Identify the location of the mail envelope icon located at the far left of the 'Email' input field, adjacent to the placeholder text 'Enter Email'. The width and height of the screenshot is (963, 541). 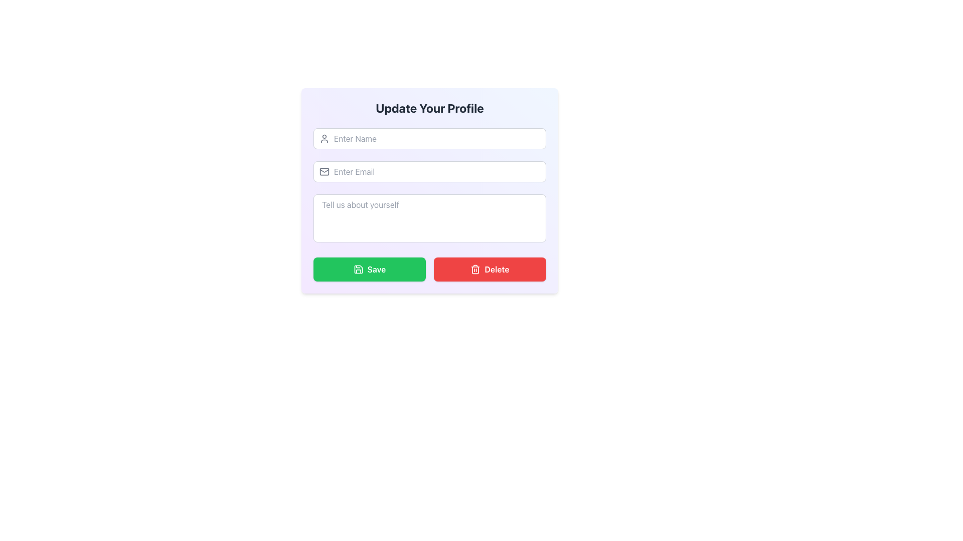
(325, 171).